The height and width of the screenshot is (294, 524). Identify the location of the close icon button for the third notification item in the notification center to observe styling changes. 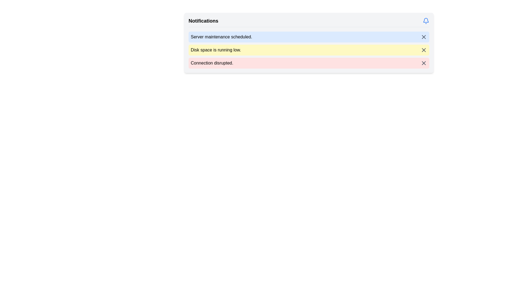
(424, 63).